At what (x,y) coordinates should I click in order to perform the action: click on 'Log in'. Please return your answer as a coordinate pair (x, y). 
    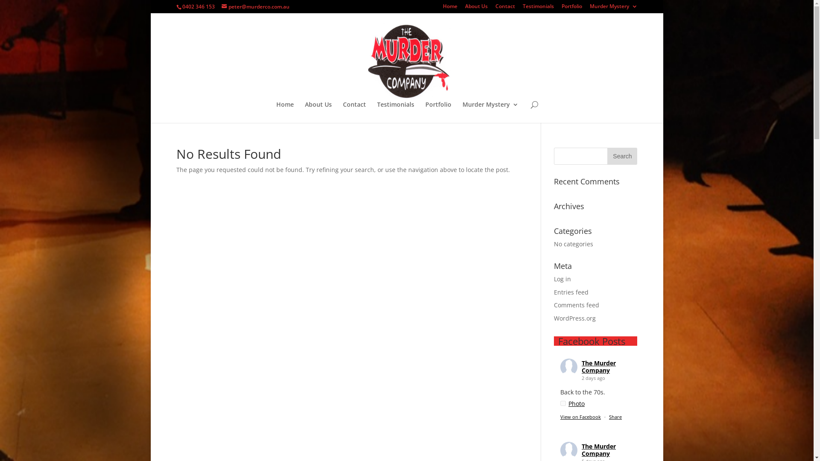
    Looking at the image, I should click on (562, 279).